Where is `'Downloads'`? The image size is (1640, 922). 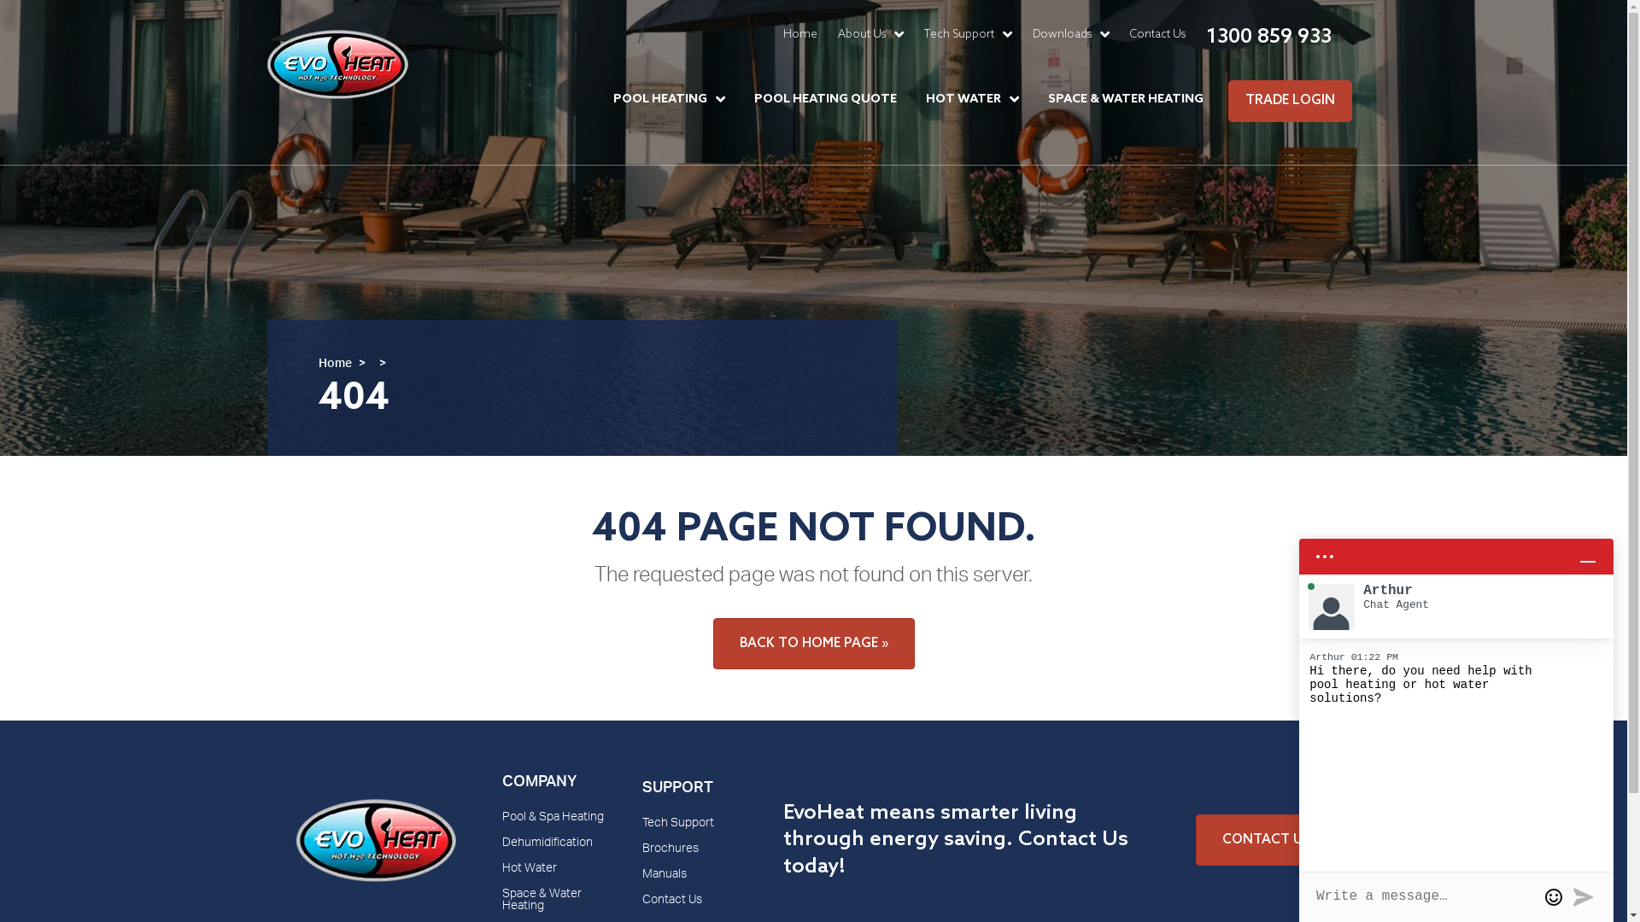
'Downloads' is located at coordinates (1069, 34).